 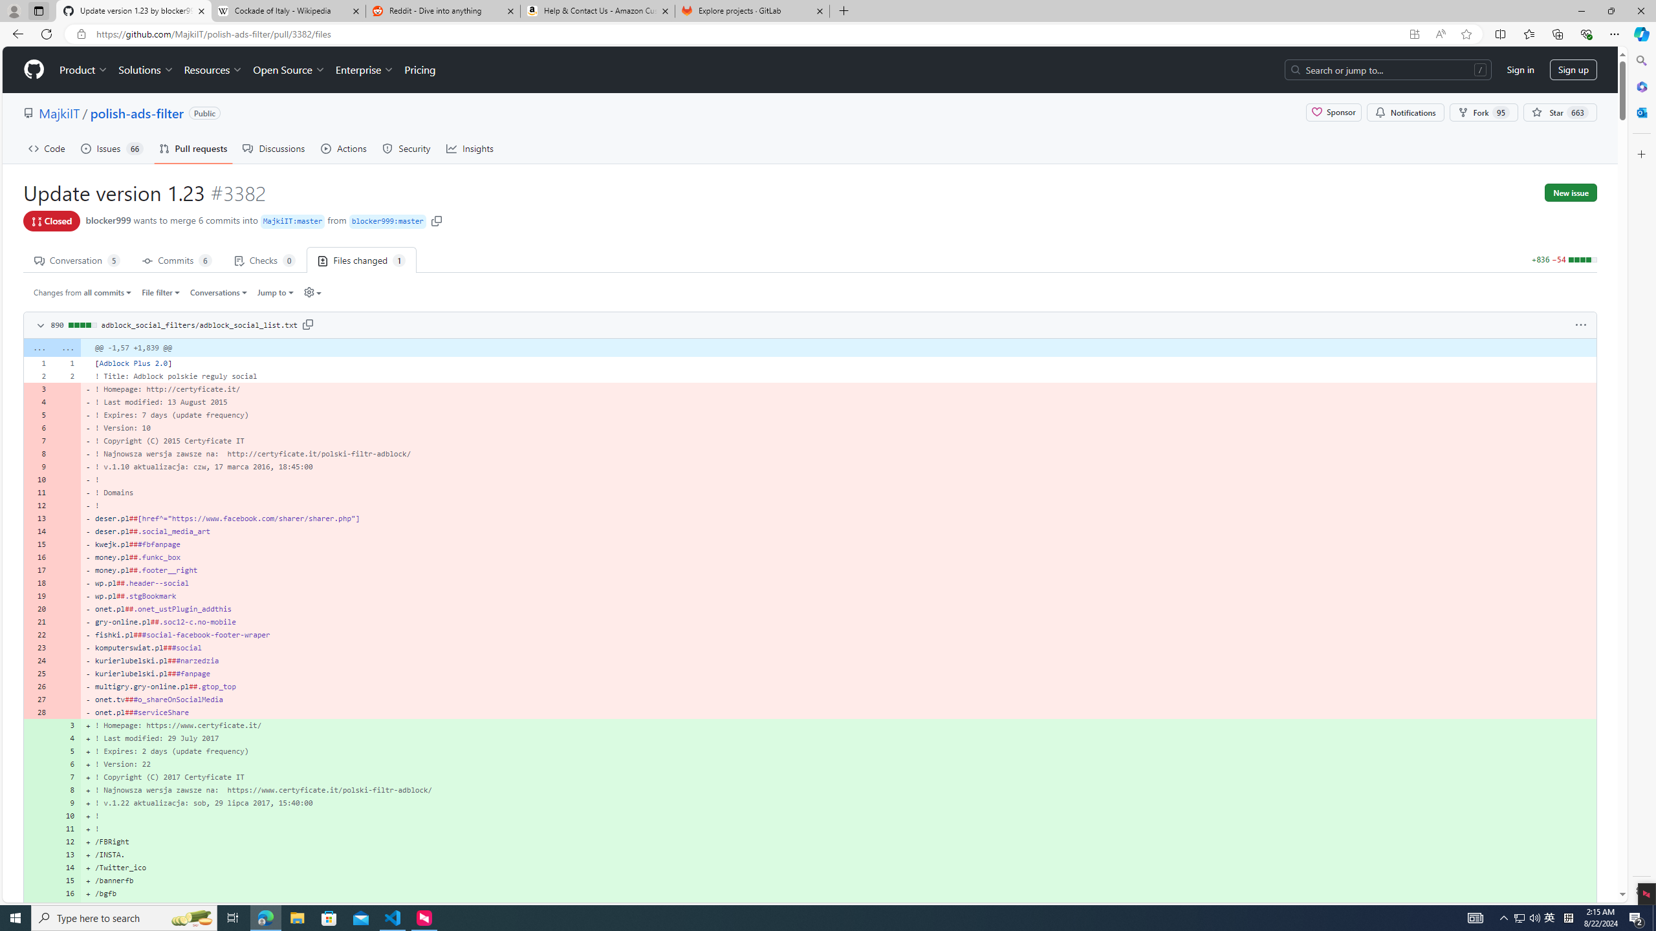 I want to click on '18', so click(x=37, y=582).